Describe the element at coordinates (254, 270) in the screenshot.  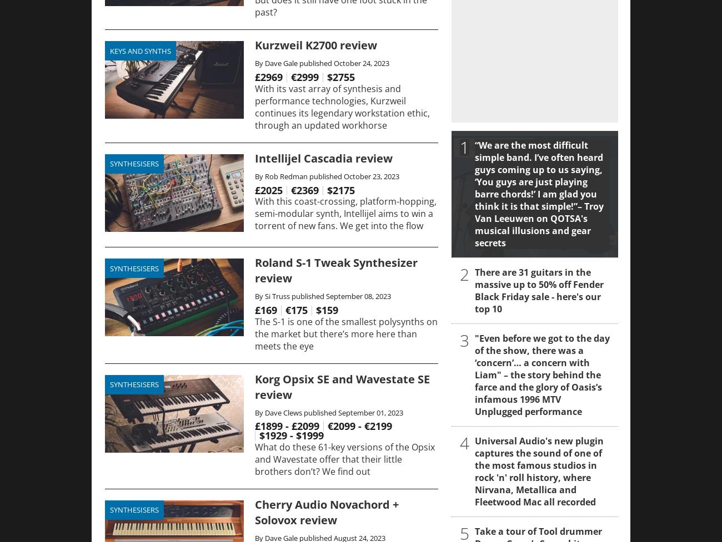
I see `'Roland S-1 Tweak Synthesizer review'` at that location.